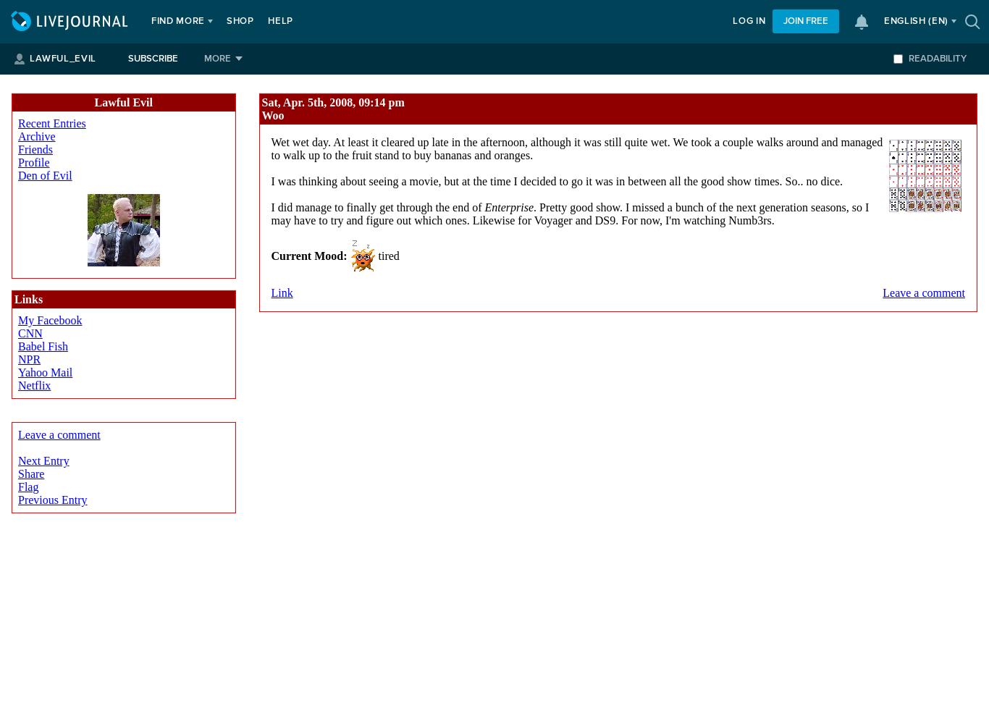 This screenshot has width=989, height=724. I want to click on 'Previous Entry', so click(52, 499).